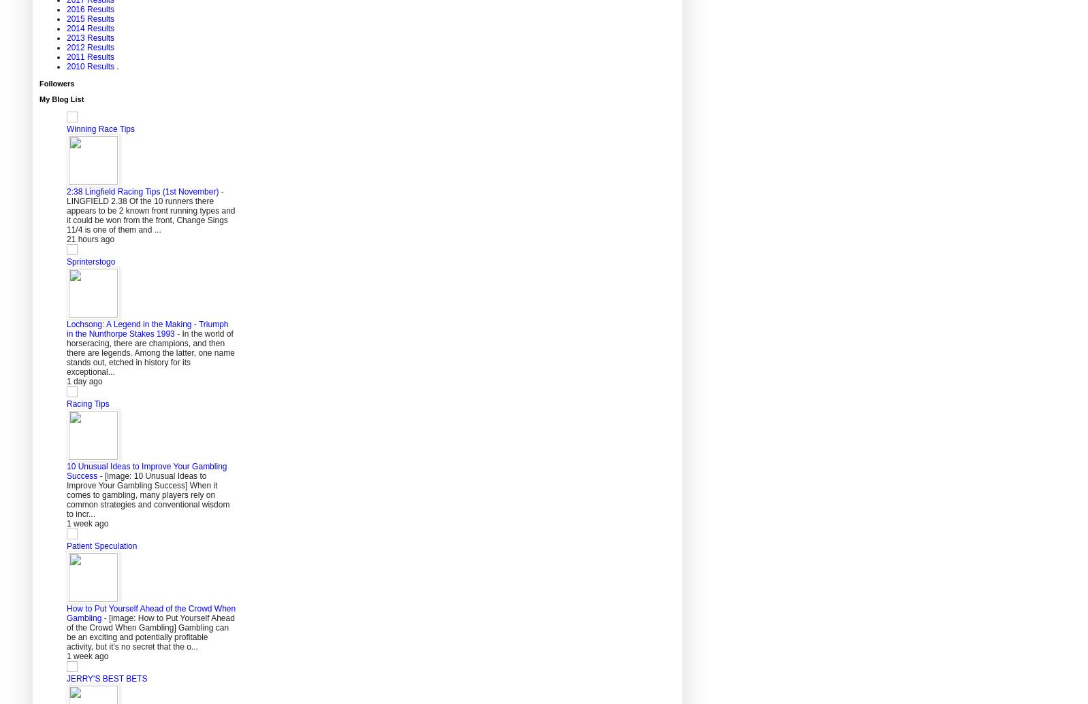 Image resolution: width=1088 pixels, height=704 pixels. Describe the element at coordinates (84, 380) in the screenshot. I see `'1 day ago'` at that location.